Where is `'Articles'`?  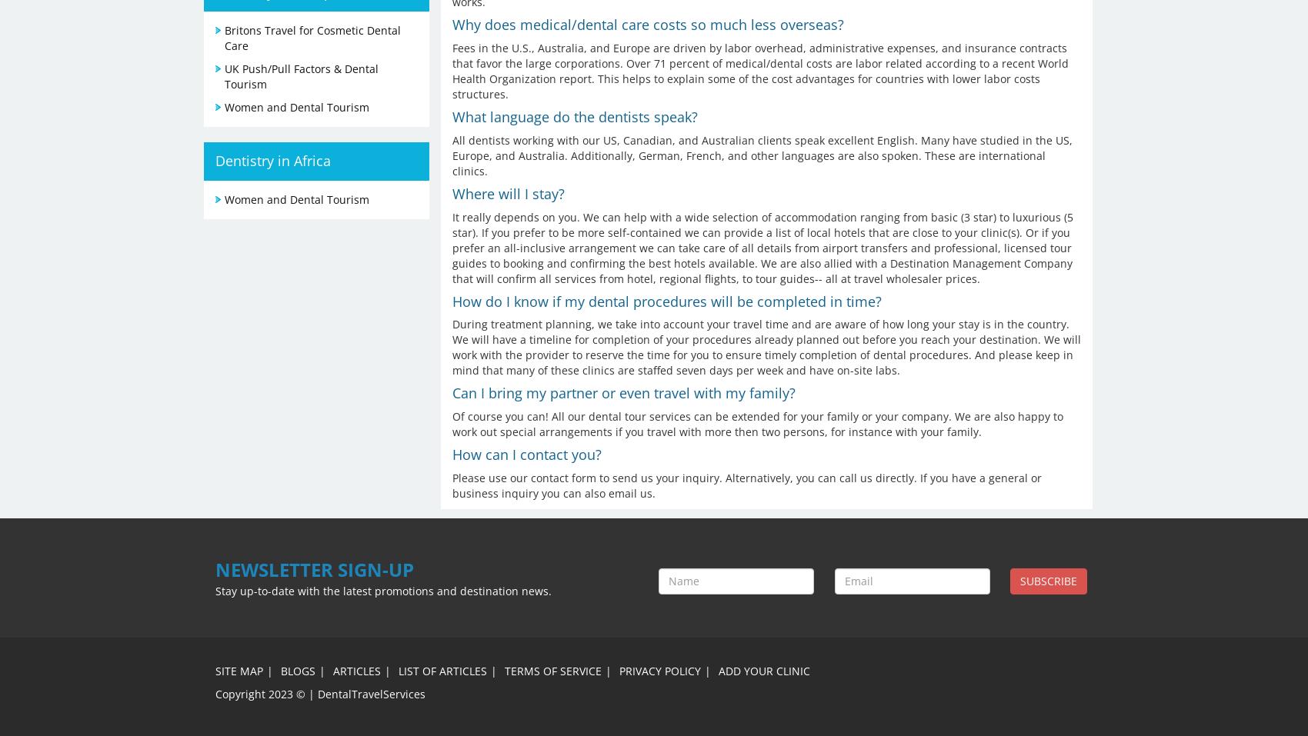
'Articles' is located at coordinates (332, 670).